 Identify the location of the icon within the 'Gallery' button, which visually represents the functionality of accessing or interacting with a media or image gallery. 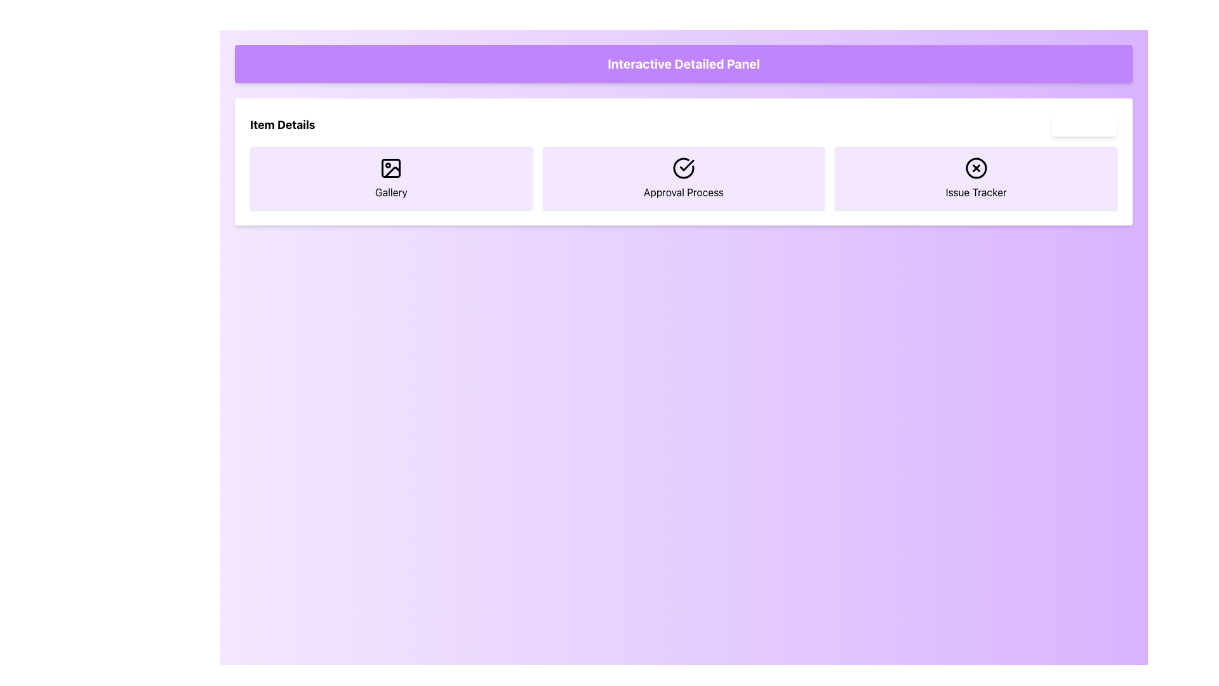
(392, 172).